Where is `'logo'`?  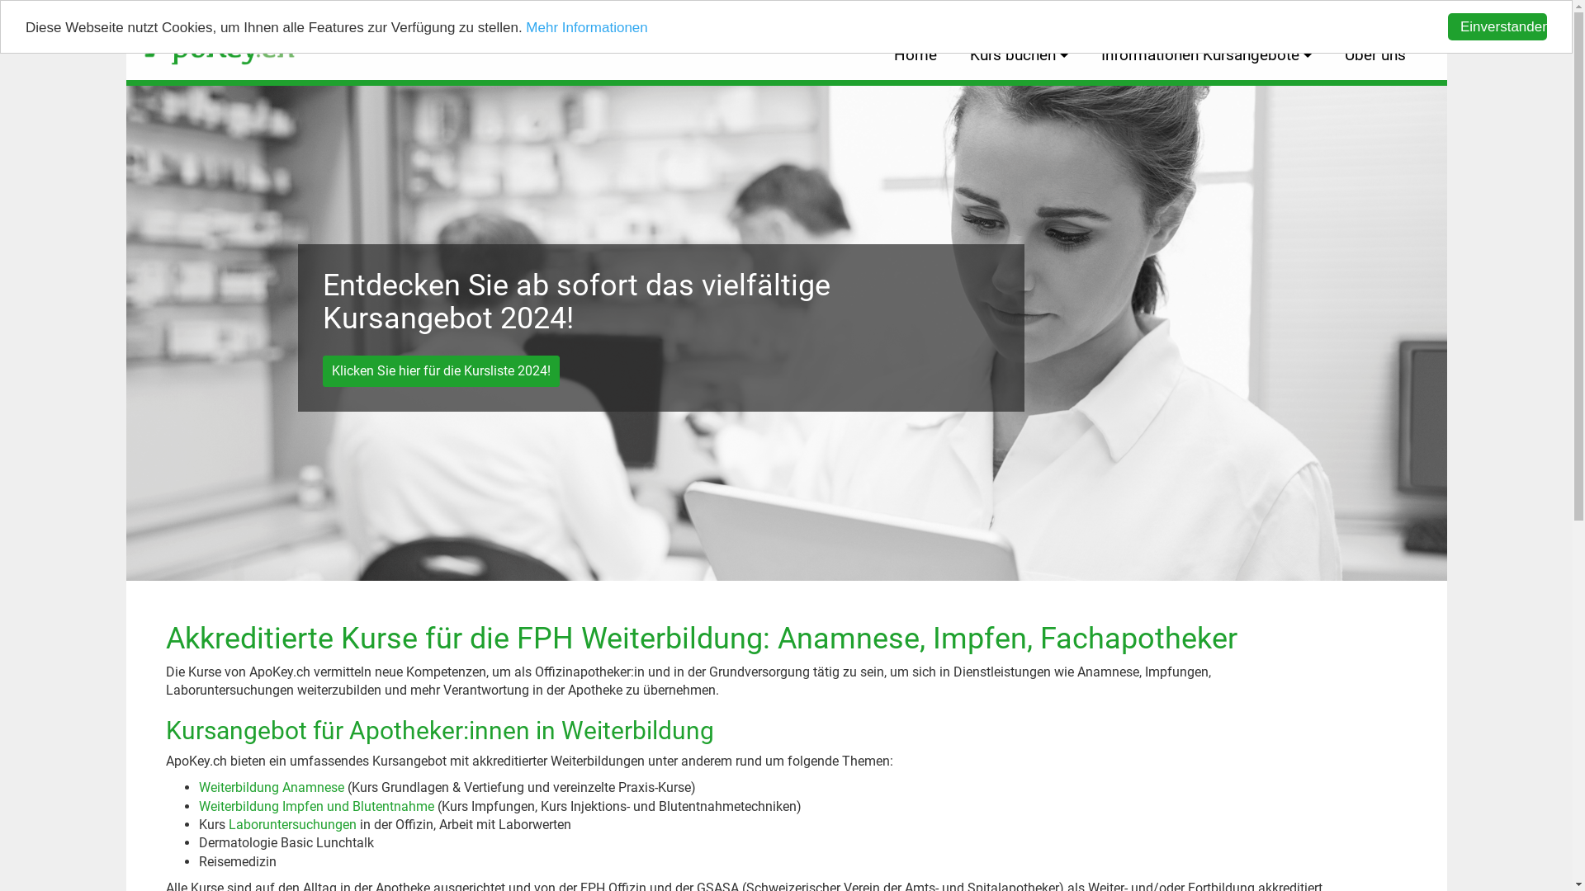 'logo' is located at coordinates (218, 37).